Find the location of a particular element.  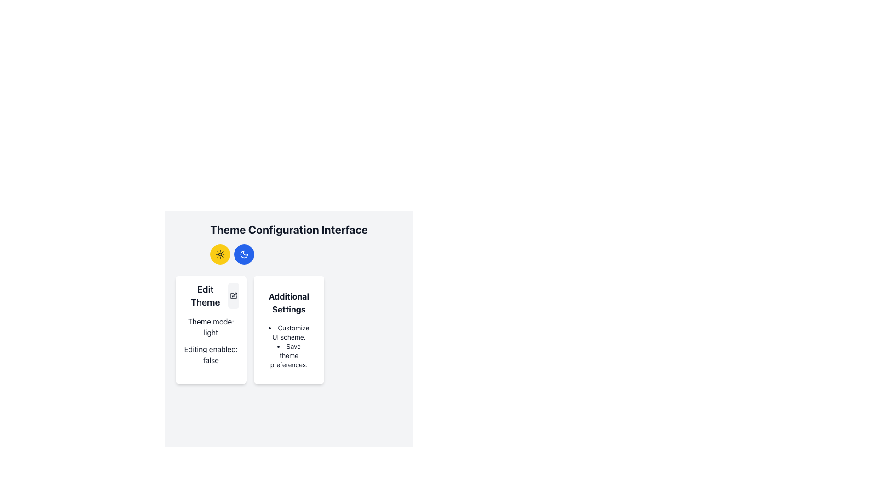

the circular blue button with a white 'moon' icon in the Theme Configuration Interface is located at coordinates (244, 254).